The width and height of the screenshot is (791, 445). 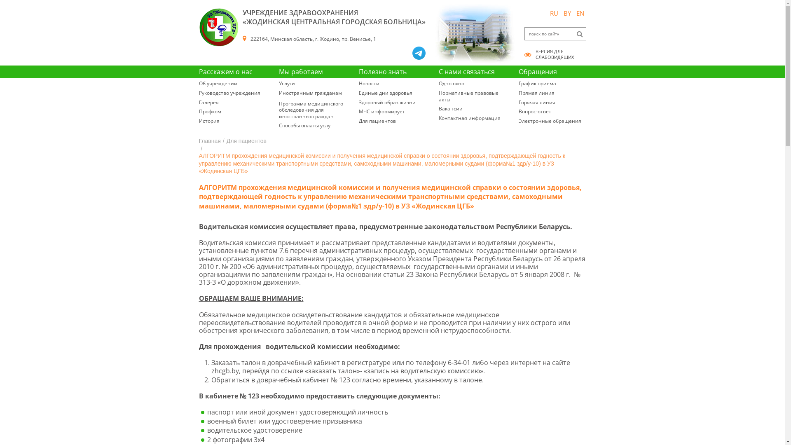 I want to click on 'BY', so click(x=566, y=13).